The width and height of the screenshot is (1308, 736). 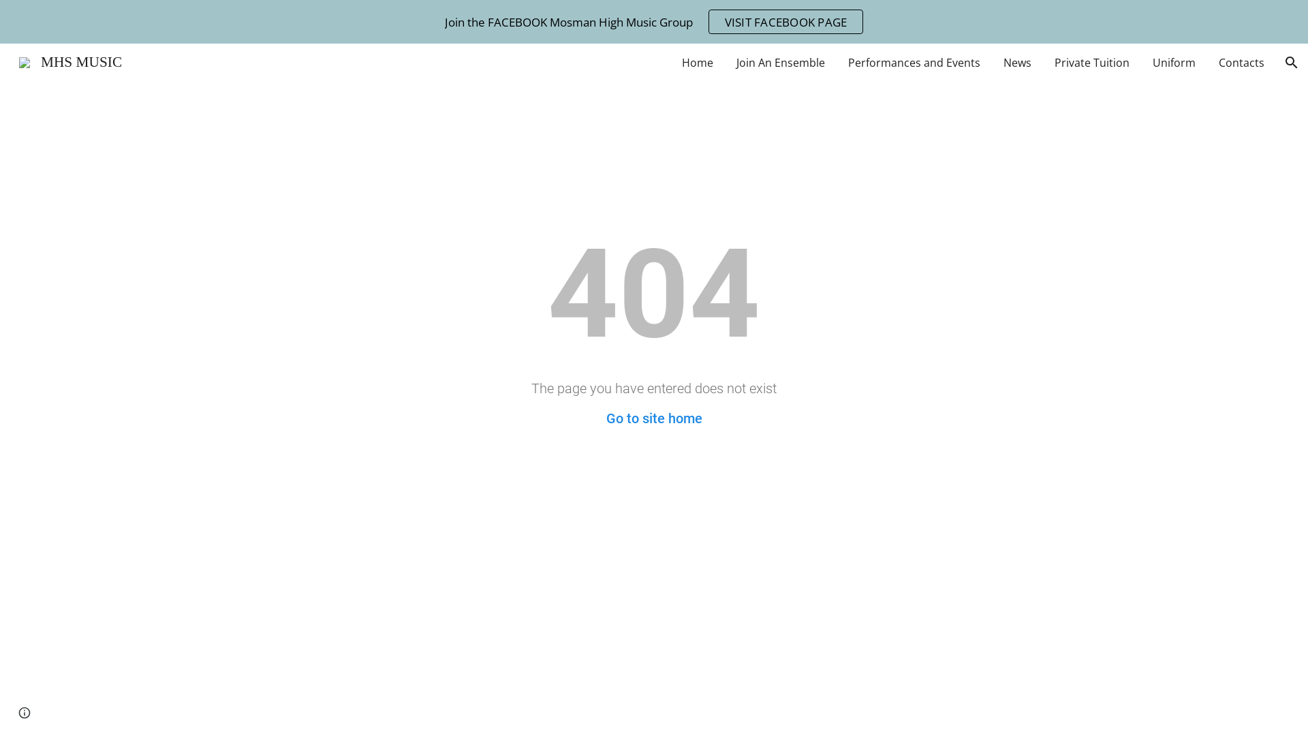 What do you see at coordinates (1092, 63) in the screenshot?
I see `'Private Tuition'` at bounding box center [1092, 63].